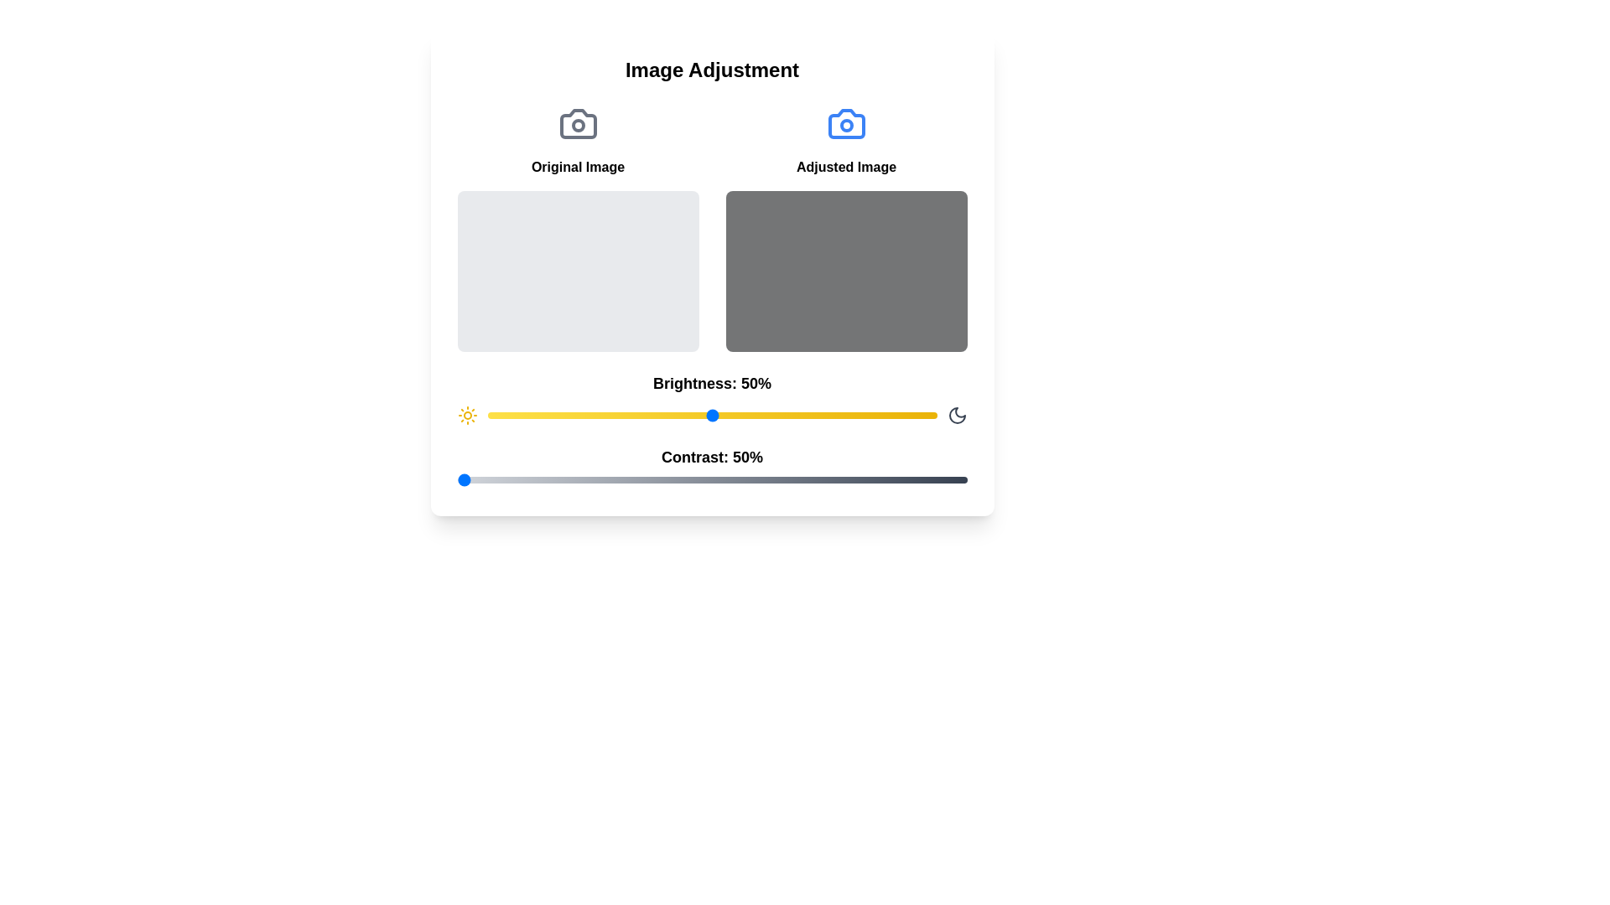  What do you see at coordinates (578, 125) in the screenshot?
I see `the small circular icon located inside the left camera icon in the 'Image Adjustment' interface` at bounding box center [578, 125].